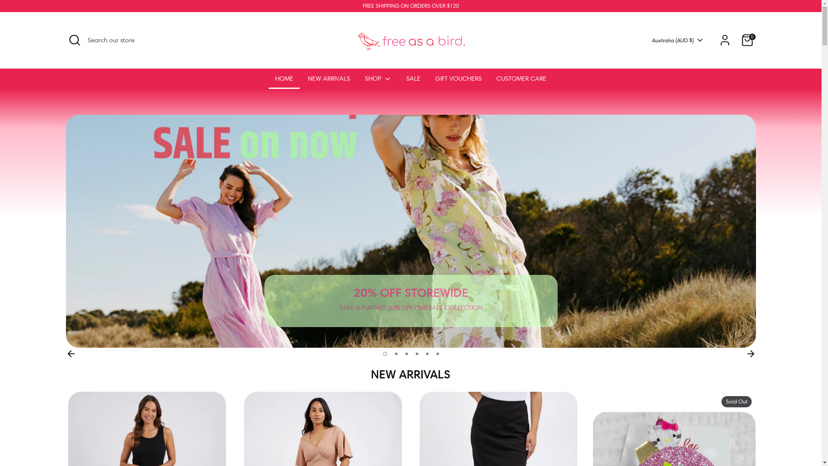  What do you see at coordinates (268, 81) in the screenshot?
I see `'HOME'` at bounding box center [268, 81].